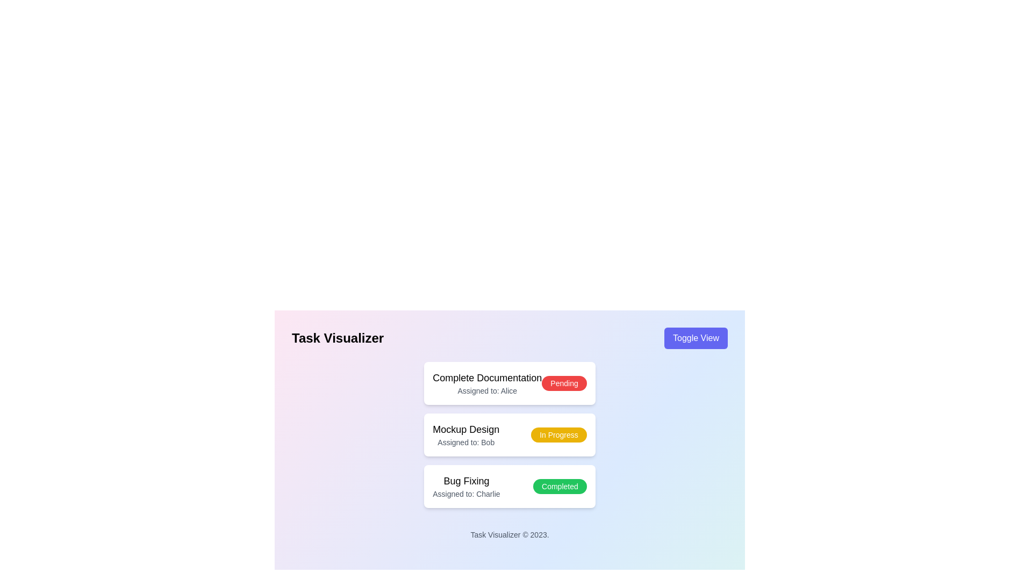 Image resolution: width=1032 pixels, height=580 pixels. I want to click on the static text label that reads 'Assigned to: Bob', which is located directly underneath the title 'Mockup Design' within the task card, so click(466, 443).